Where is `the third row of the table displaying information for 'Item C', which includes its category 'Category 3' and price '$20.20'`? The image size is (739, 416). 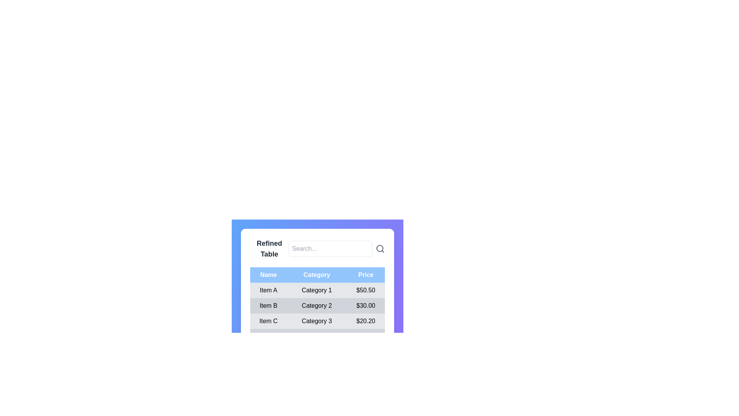 the third row of the table displaying information for 'Item C', which includes its category 'Category 3' and price '$20.20' is located at coordinates (318, 321).